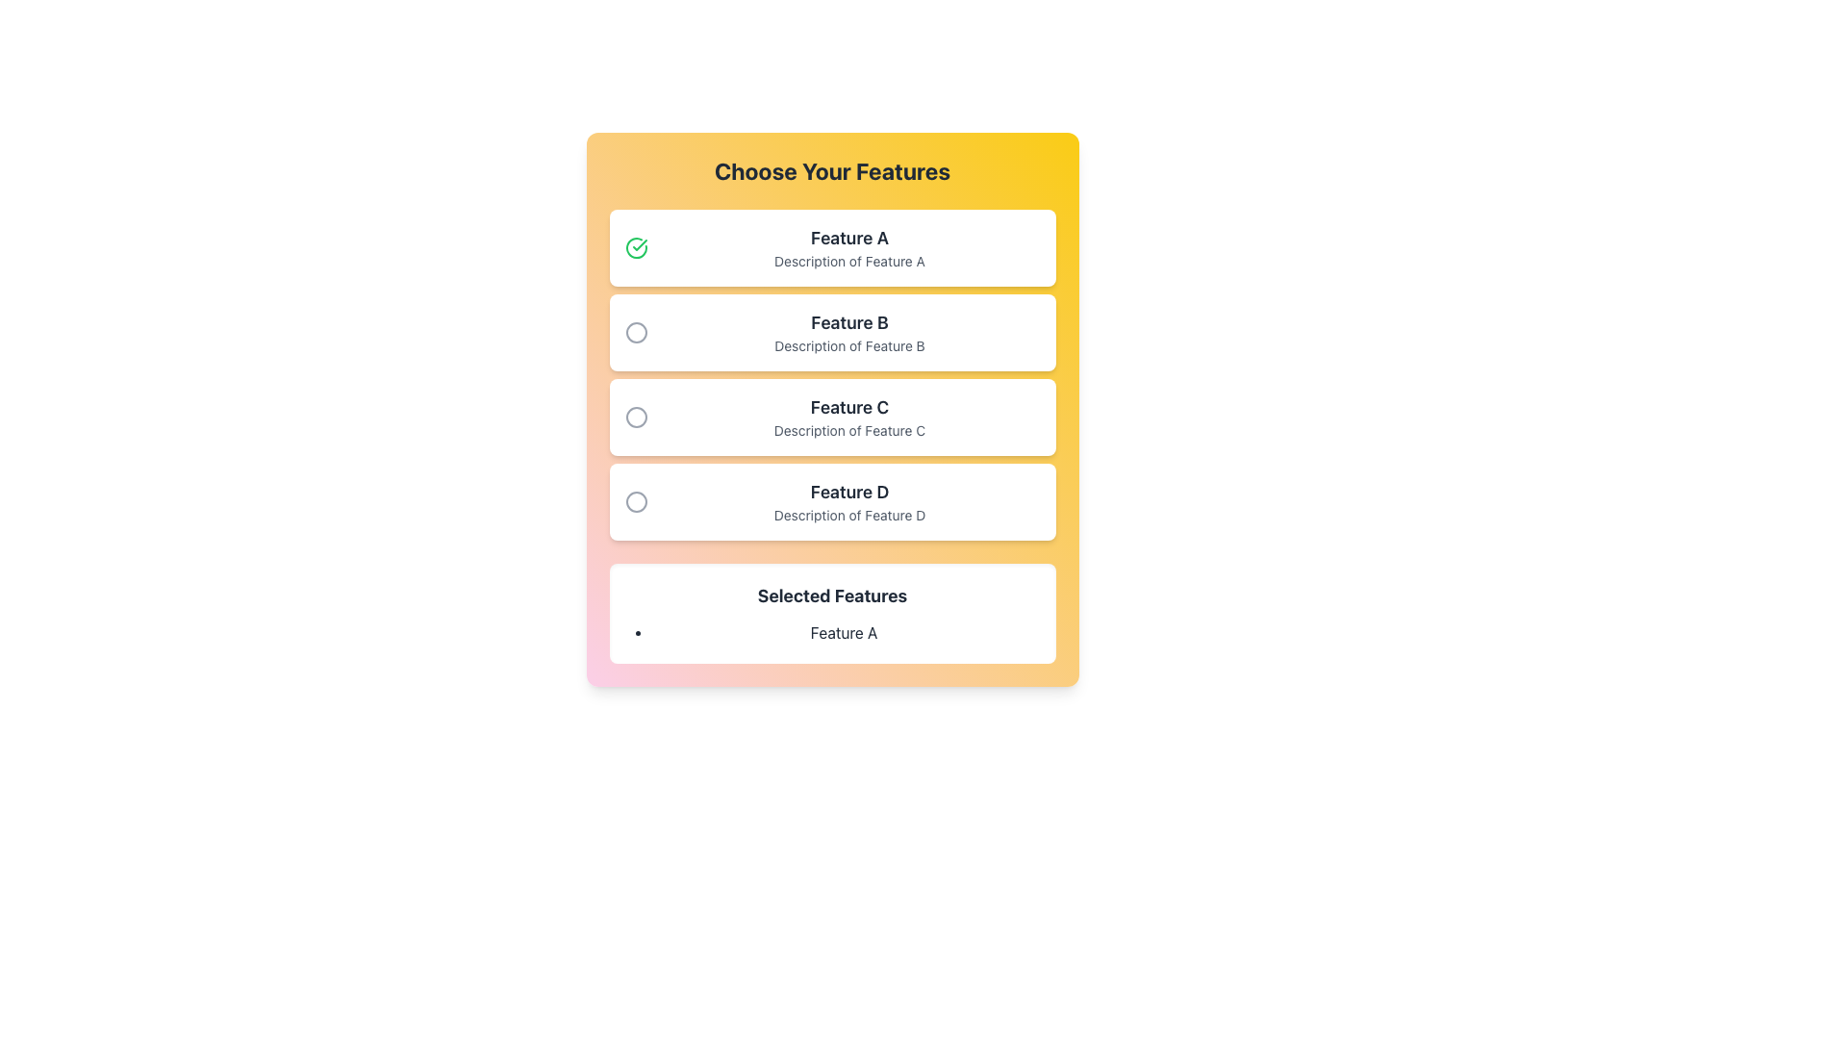 Image resolution: width=1847 pixels, height=1039 pixels. I want to click on the circular inner part of the radio button for 'Feature B', so click(636, 332).